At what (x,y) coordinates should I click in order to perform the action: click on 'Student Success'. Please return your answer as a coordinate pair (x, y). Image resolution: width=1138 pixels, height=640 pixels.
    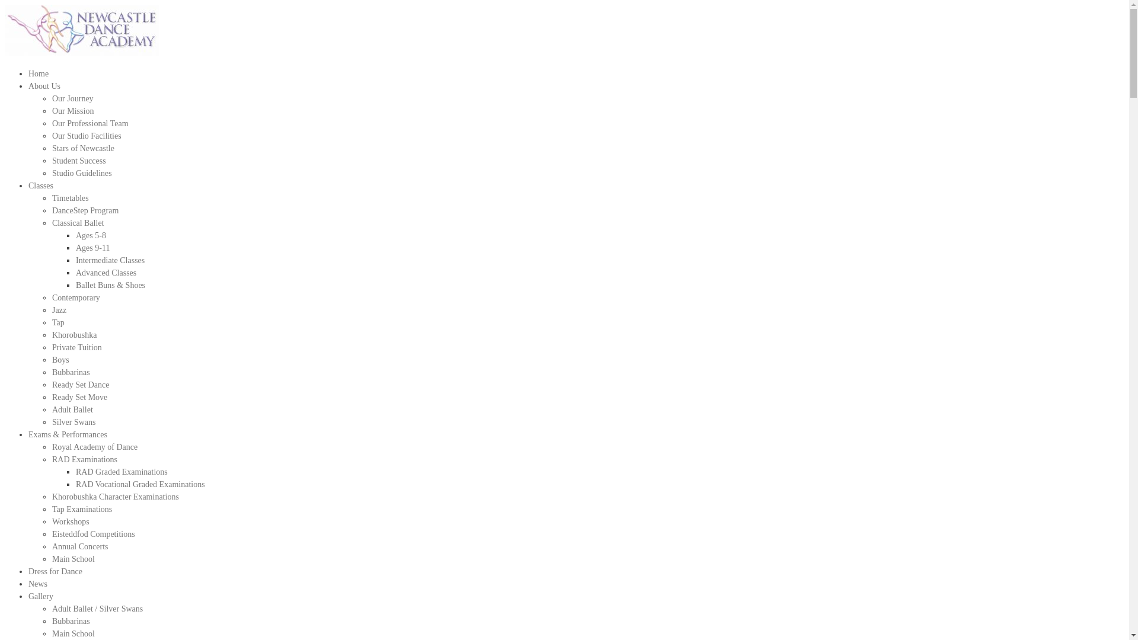
    Looking at the image, I should click on (78, 161).